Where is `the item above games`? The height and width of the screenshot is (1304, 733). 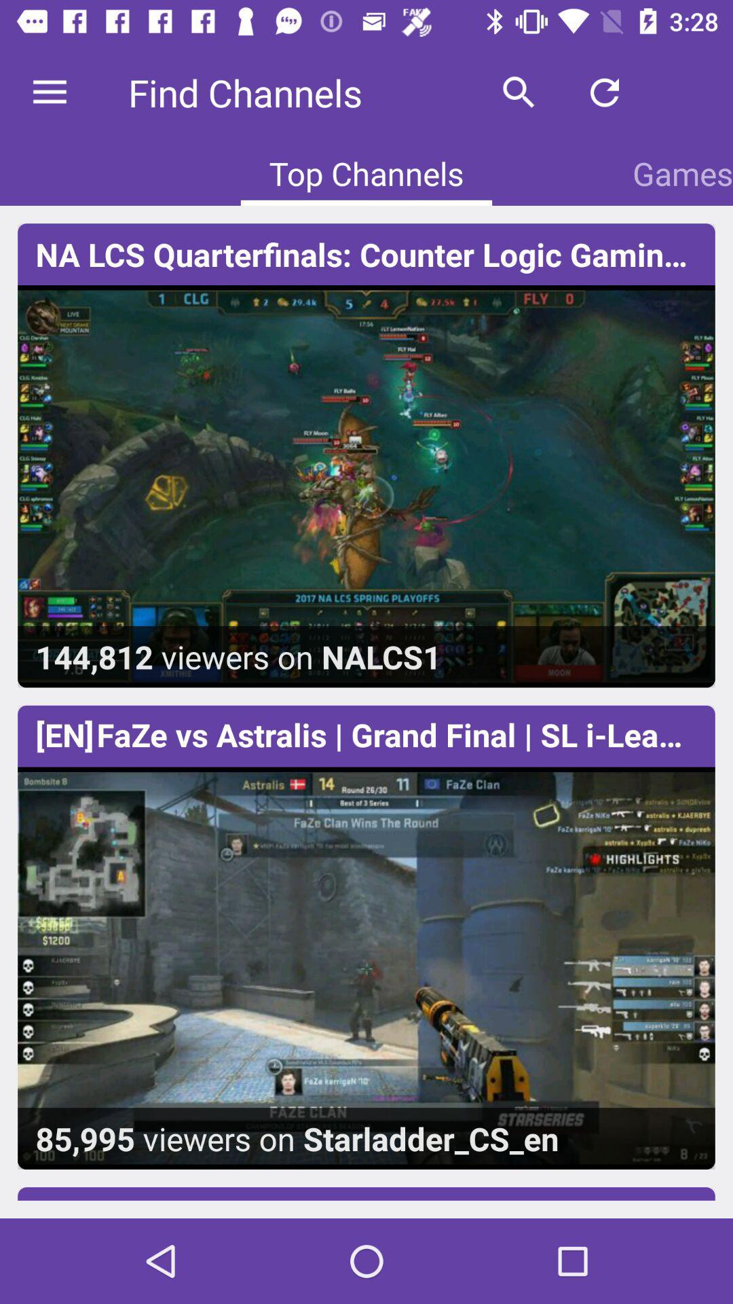
the item above games is located at coordinates (604, 92).